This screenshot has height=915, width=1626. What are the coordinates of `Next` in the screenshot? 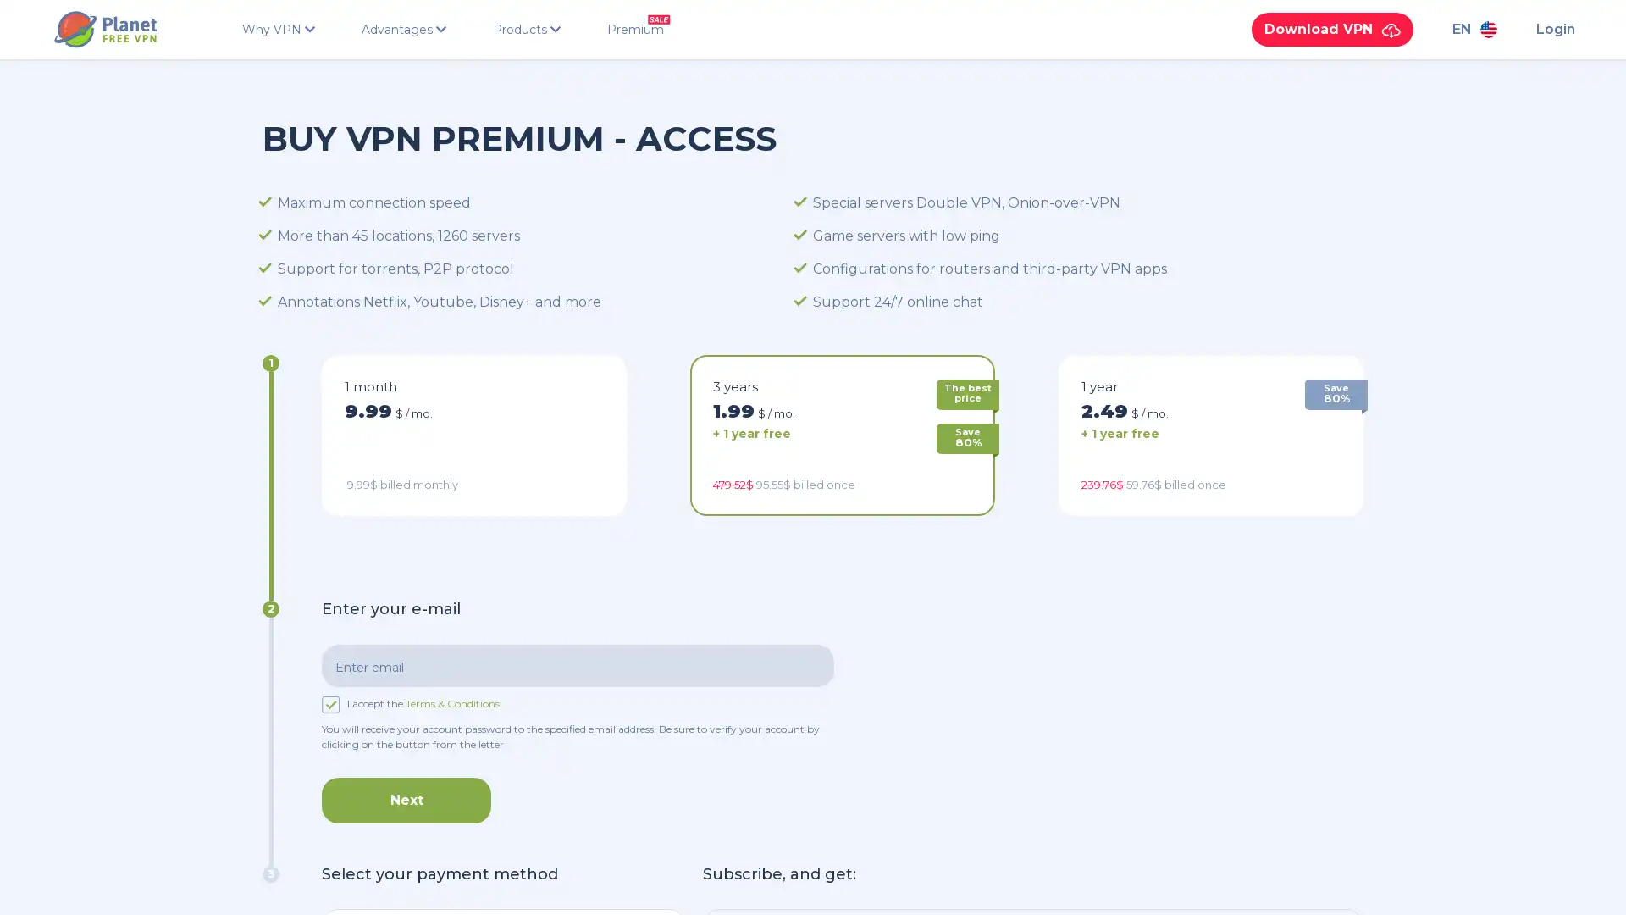 It's located at (406, 800).